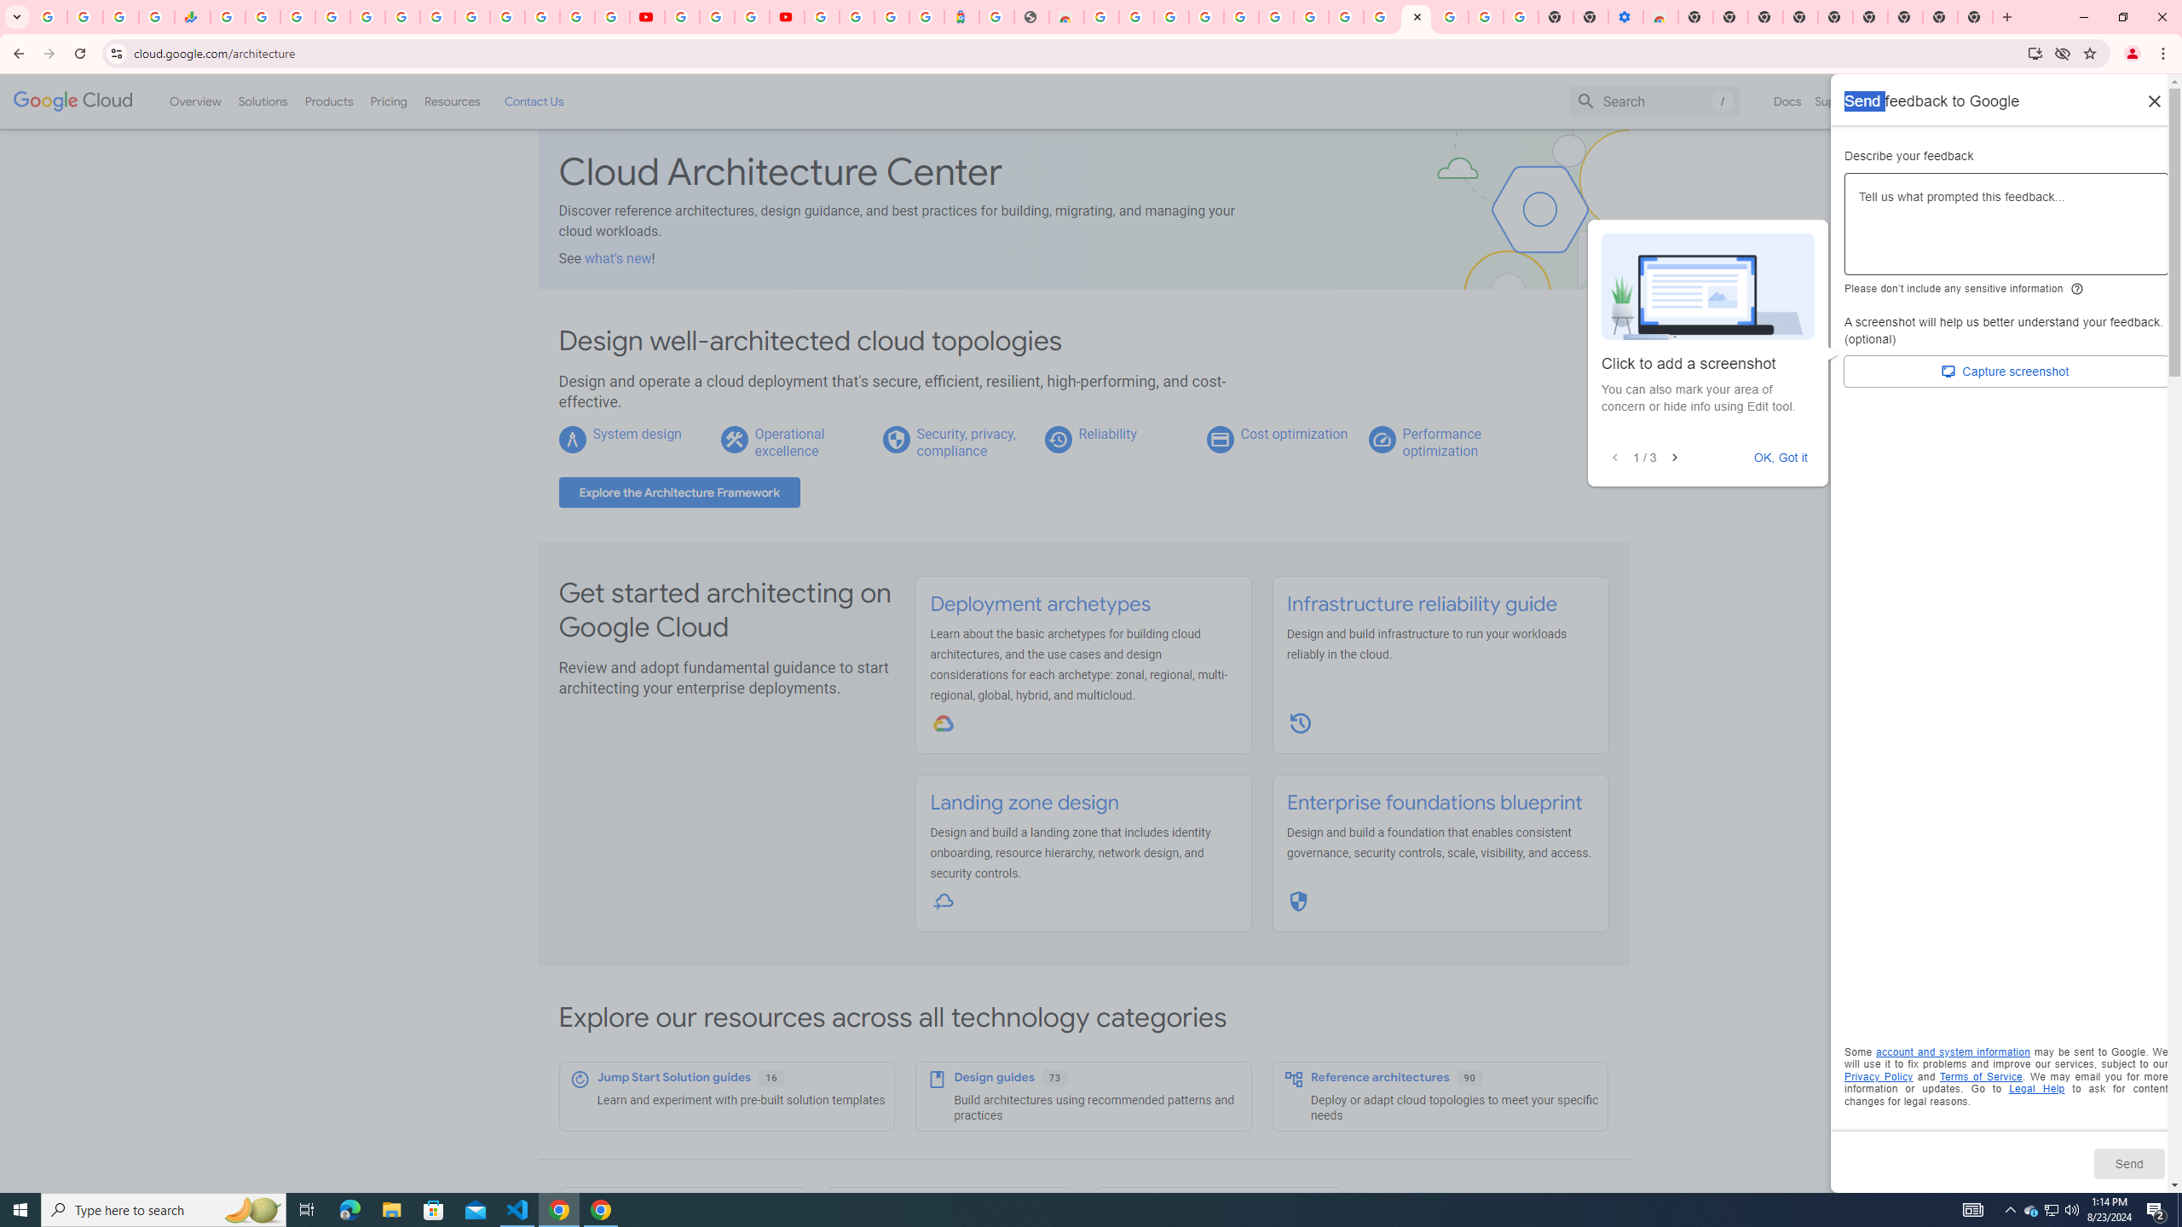 Image resolution: width=2182 pixels, height=1227 pixels. Describe the element at coordinates (678, 493) in the screenshot. I see `'Explore the Architecture Framework'` at that location.